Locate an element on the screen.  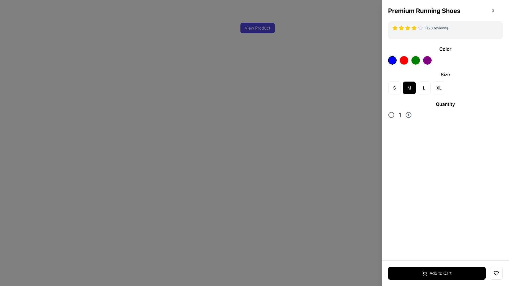
the bold and large text label displaying the number '1', which is situated between the decrement and increment icons in the 'Quantity' section is located at coordinates (400, 115).